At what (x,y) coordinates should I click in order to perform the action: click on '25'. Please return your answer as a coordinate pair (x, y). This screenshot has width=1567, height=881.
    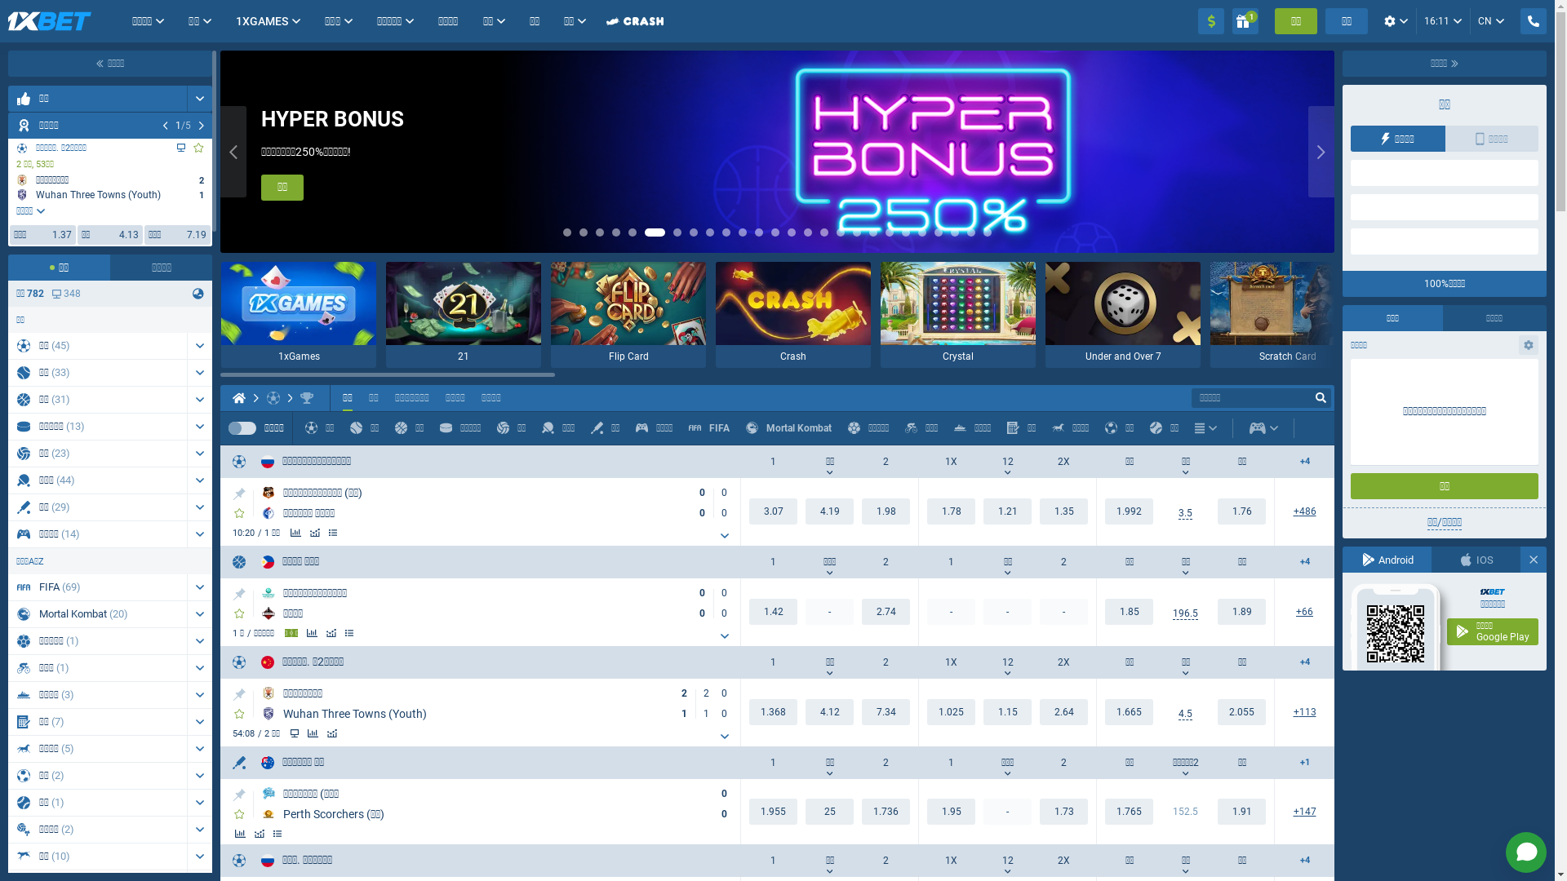
    Looking at the image, I should click on (806, 812).